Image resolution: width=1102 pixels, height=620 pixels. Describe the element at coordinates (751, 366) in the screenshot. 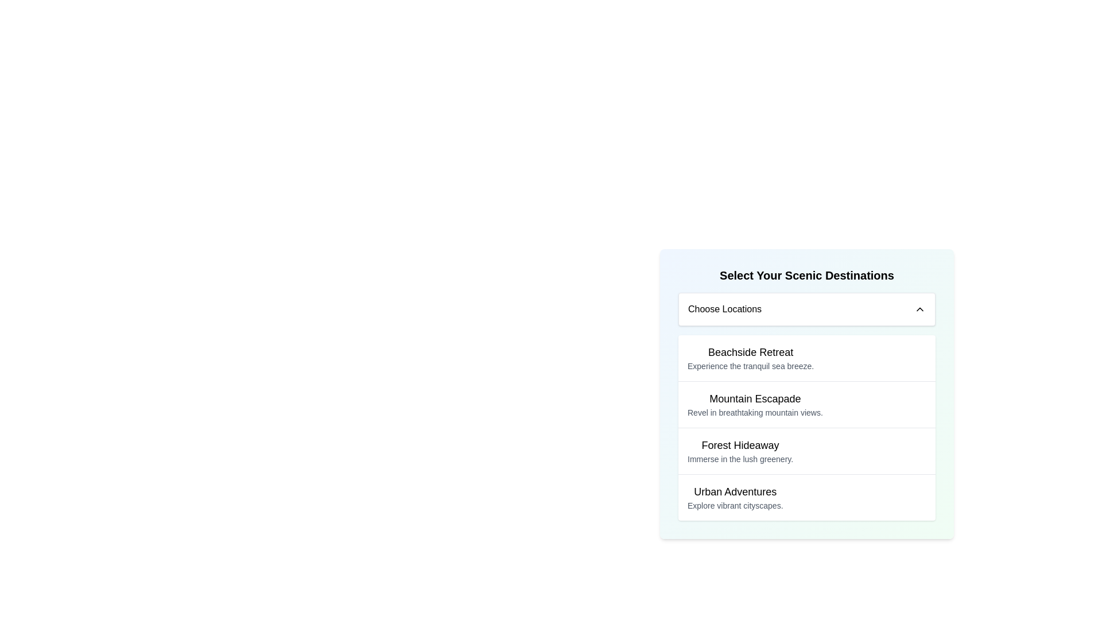

I see `the descriptive text that reads 'Experience the tranquil sea breeze.' located beneath the 'Beachside Retreat' heading` at that location.